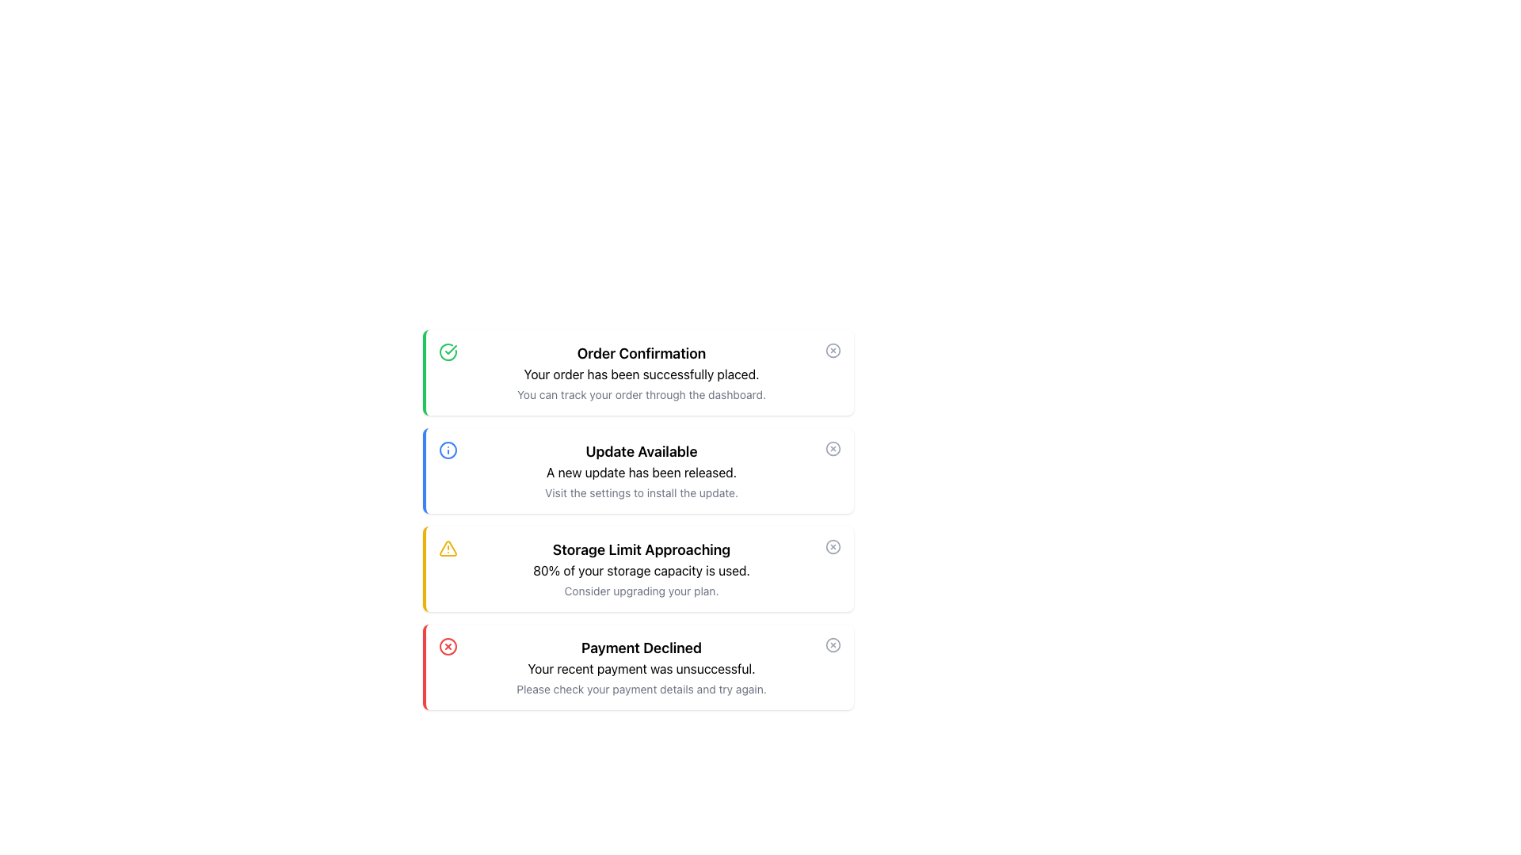 Image resolution: width=1521 pixels, height=855 pixels. I want to click on notification titled 'Storage Limit Approaching' which indicates that 80% of your storage capacity is used and suggests considering an upgrade to your plan, so click(642, 568).